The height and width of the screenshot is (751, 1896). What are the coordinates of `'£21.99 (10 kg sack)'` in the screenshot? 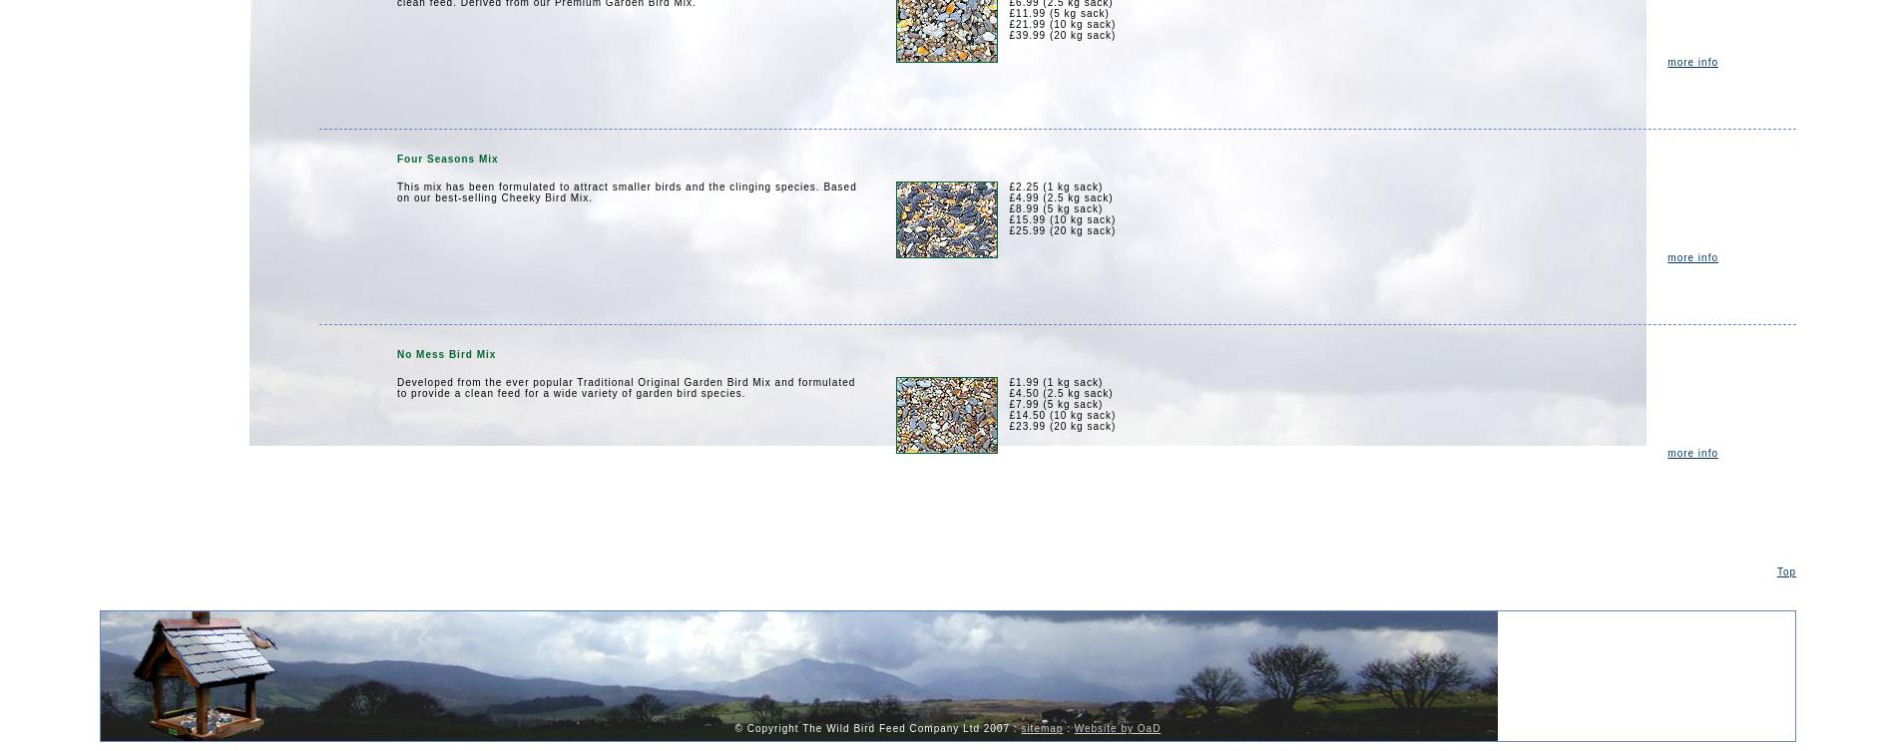 It's located at (1062, 24).